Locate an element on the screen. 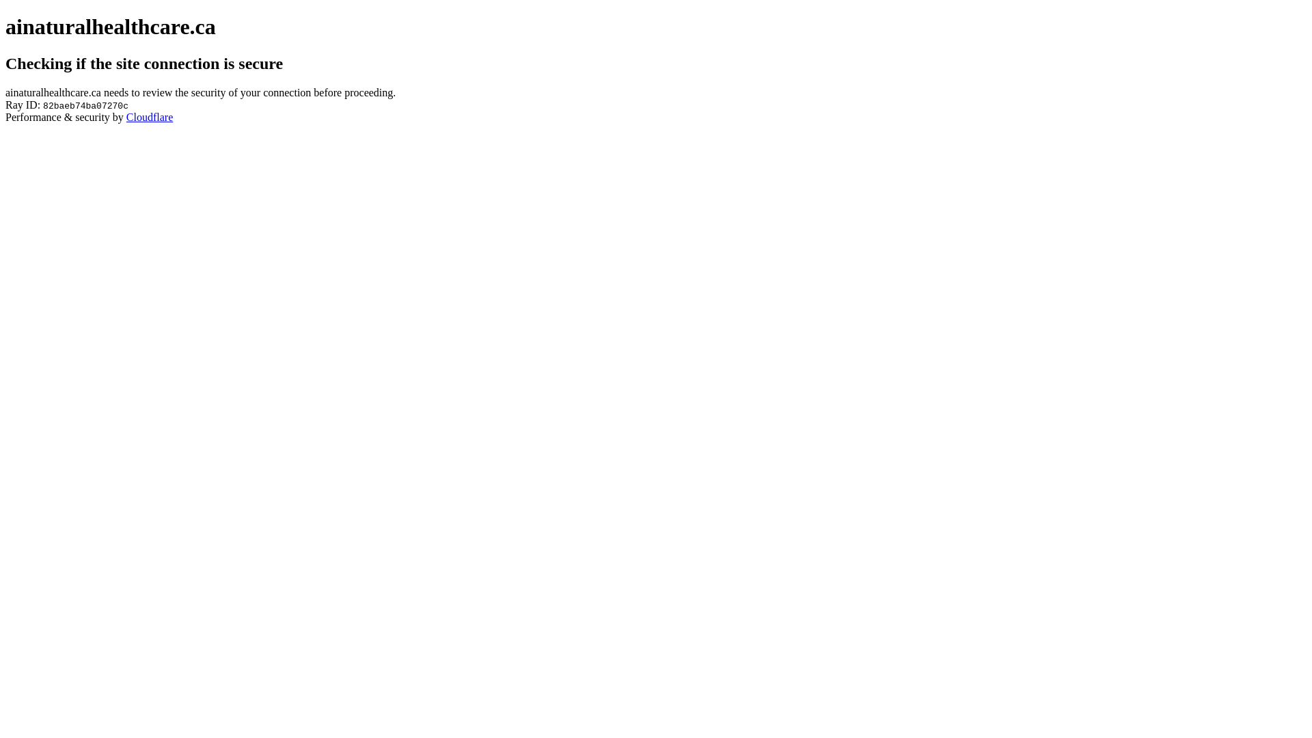 Image resolution: width=1312 pixels, height=738 pixels. 'Cloudflare' is located at coordinates (150, 116).